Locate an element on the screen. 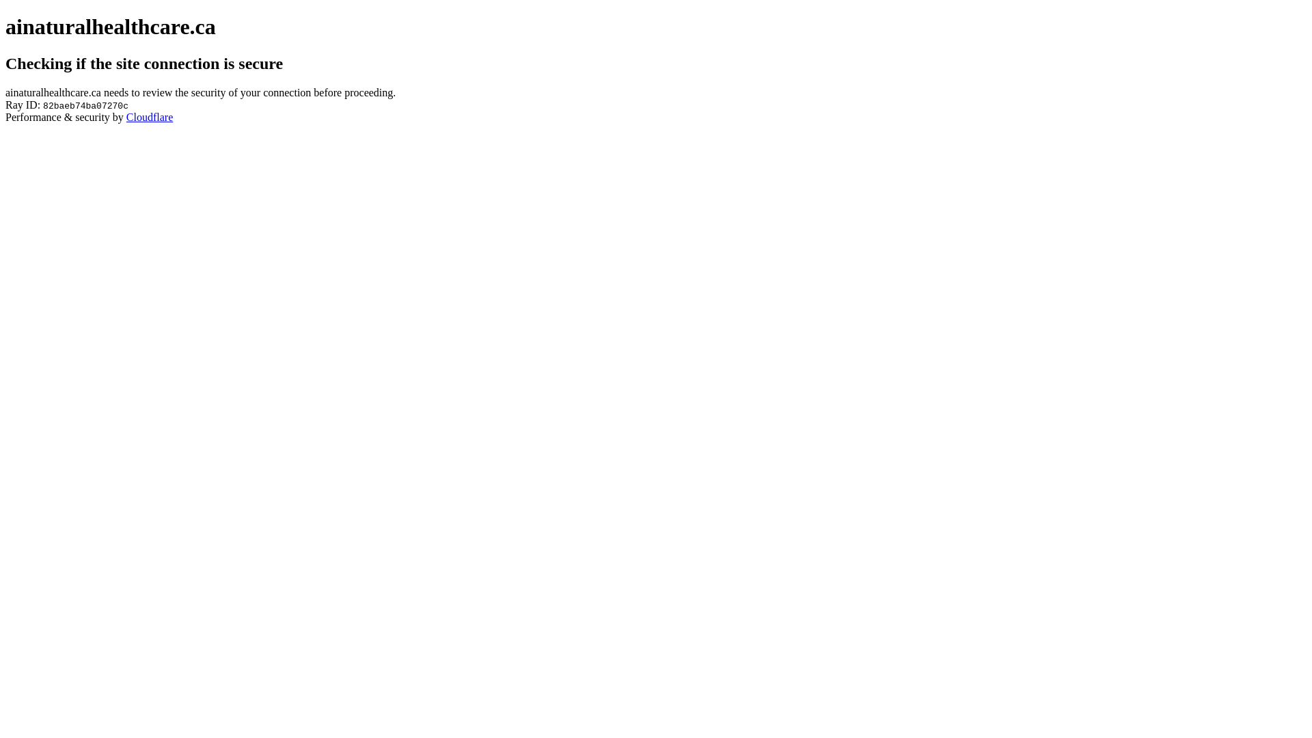 Image resolution: width=1312 pixels, height=738 pixels. 'Cloudflare' is located at coordinates (150, 116).